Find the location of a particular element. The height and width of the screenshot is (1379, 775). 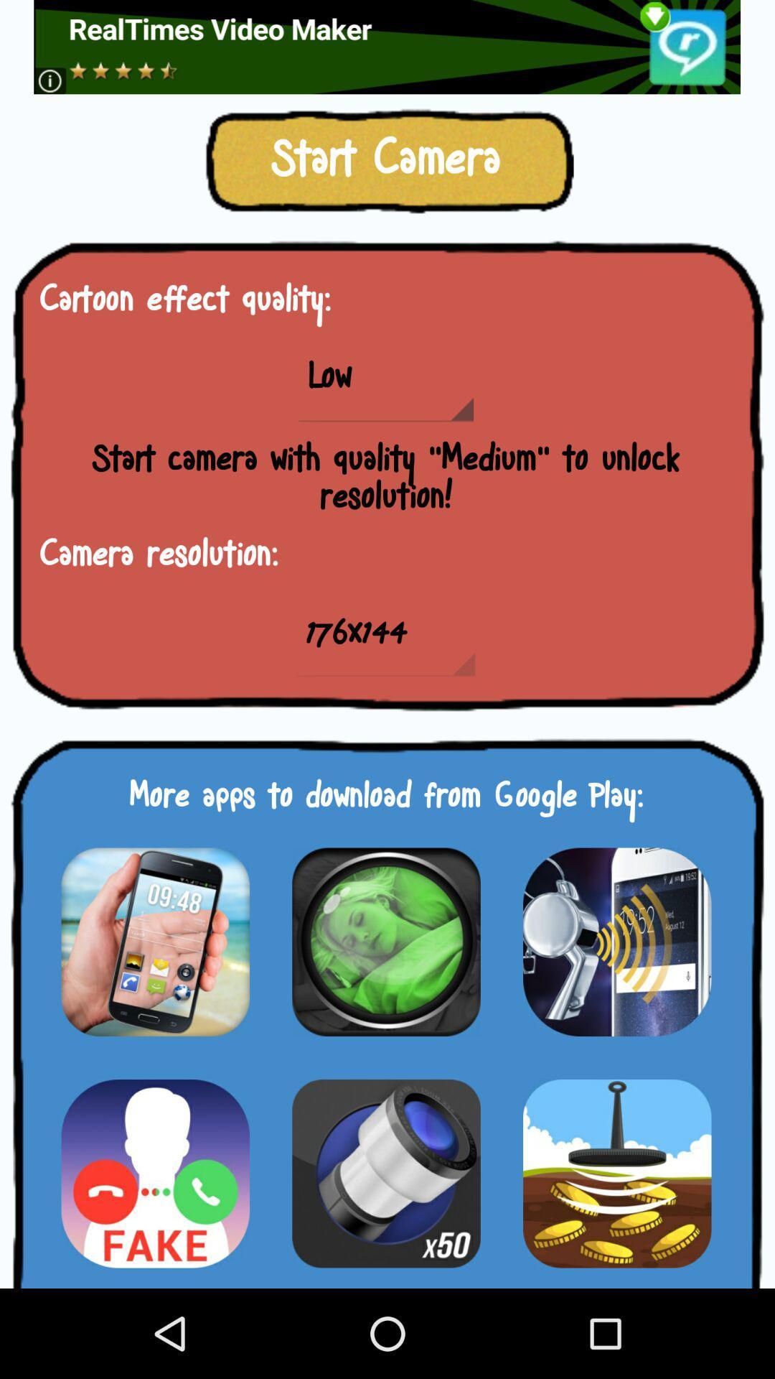

click camera lens is located at coordinates (385, 942).